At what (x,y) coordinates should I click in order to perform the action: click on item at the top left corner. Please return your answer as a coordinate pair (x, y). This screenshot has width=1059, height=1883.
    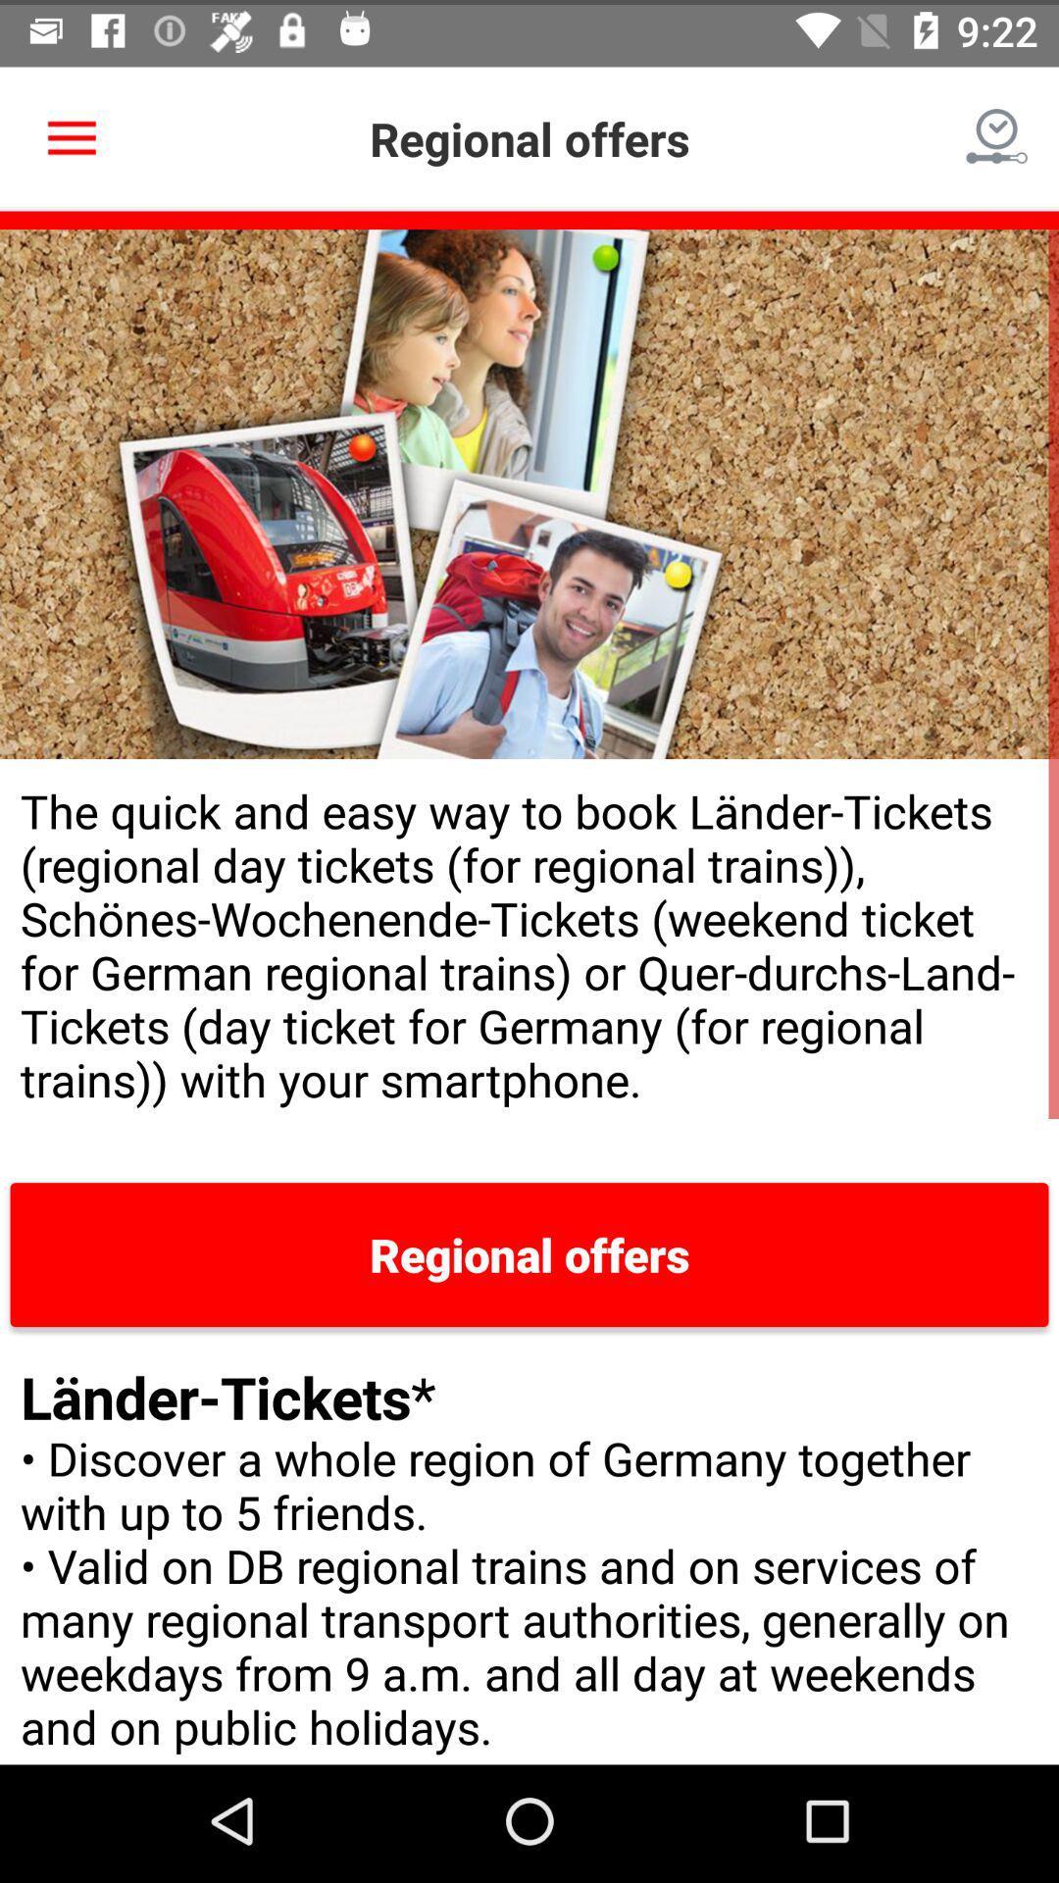
    Looking at the image, I should click on (71, 132).